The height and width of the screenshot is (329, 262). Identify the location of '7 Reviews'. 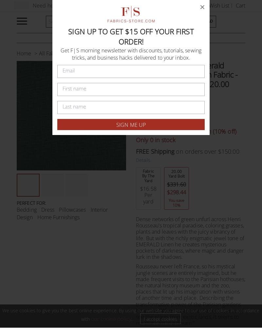
(174, 105).